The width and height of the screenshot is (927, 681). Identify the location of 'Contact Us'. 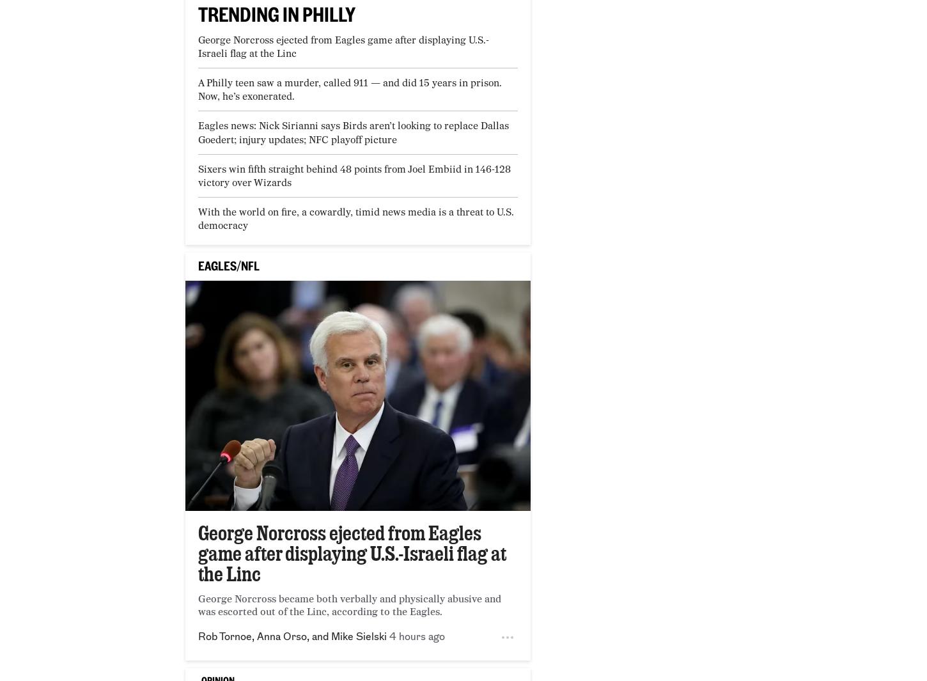
(111, 500).